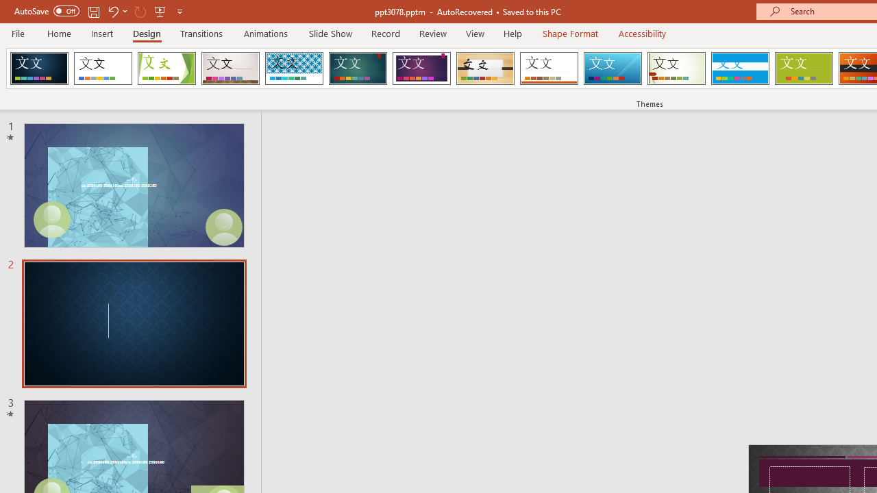 This screenshot has height=493, width=877. Describe the element at coordinates (58, 33) in the screenshot. I see `'Home'` at that location.